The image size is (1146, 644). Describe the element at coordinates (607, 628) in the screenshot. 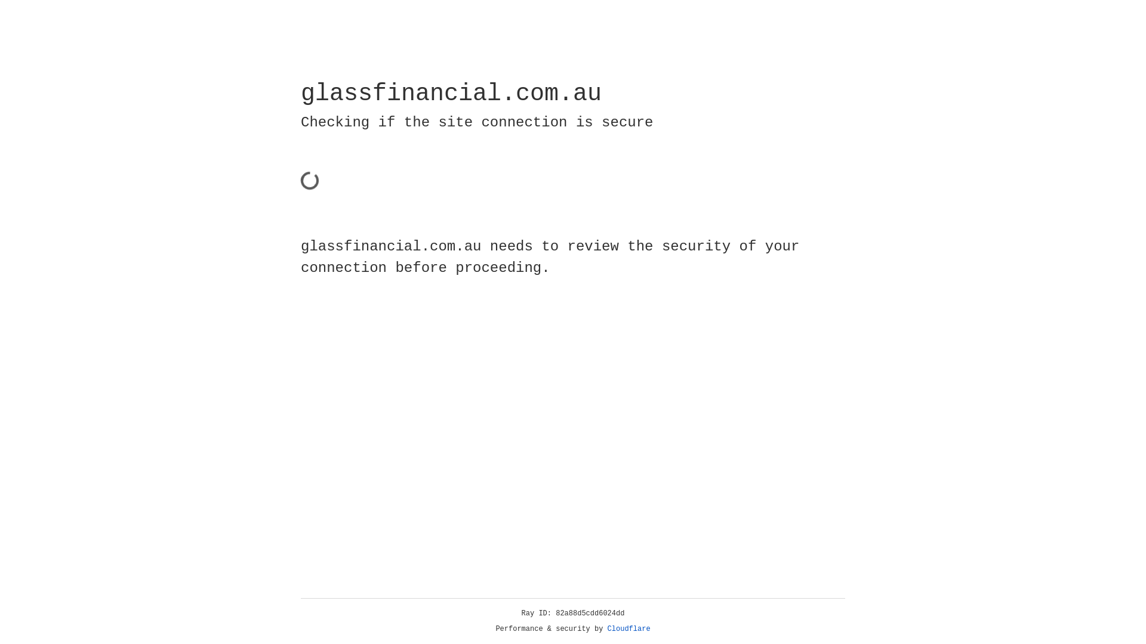

I see `'Cloudflare'` at that location.